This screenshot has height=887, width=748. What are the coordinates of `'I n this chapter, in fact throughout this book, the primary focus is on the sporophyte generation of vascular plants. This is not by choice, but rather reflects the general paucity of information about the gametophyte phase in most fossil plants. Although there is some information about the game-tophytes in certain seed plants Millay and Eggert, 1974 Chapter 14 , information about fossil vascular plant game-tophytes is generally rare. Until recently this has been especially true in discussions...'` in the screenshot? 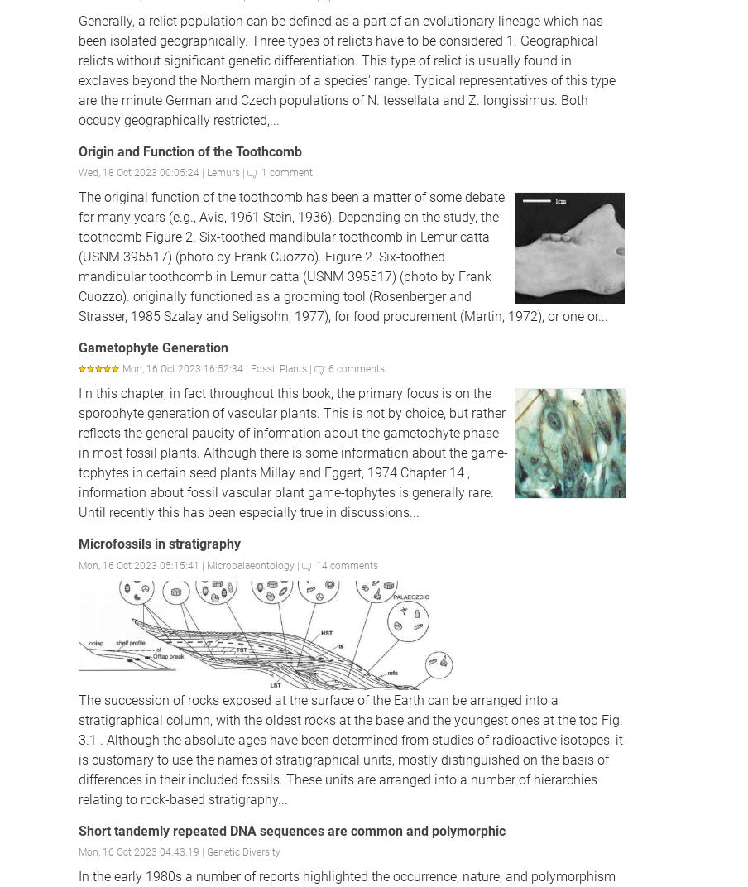 It's located at (292, 452).